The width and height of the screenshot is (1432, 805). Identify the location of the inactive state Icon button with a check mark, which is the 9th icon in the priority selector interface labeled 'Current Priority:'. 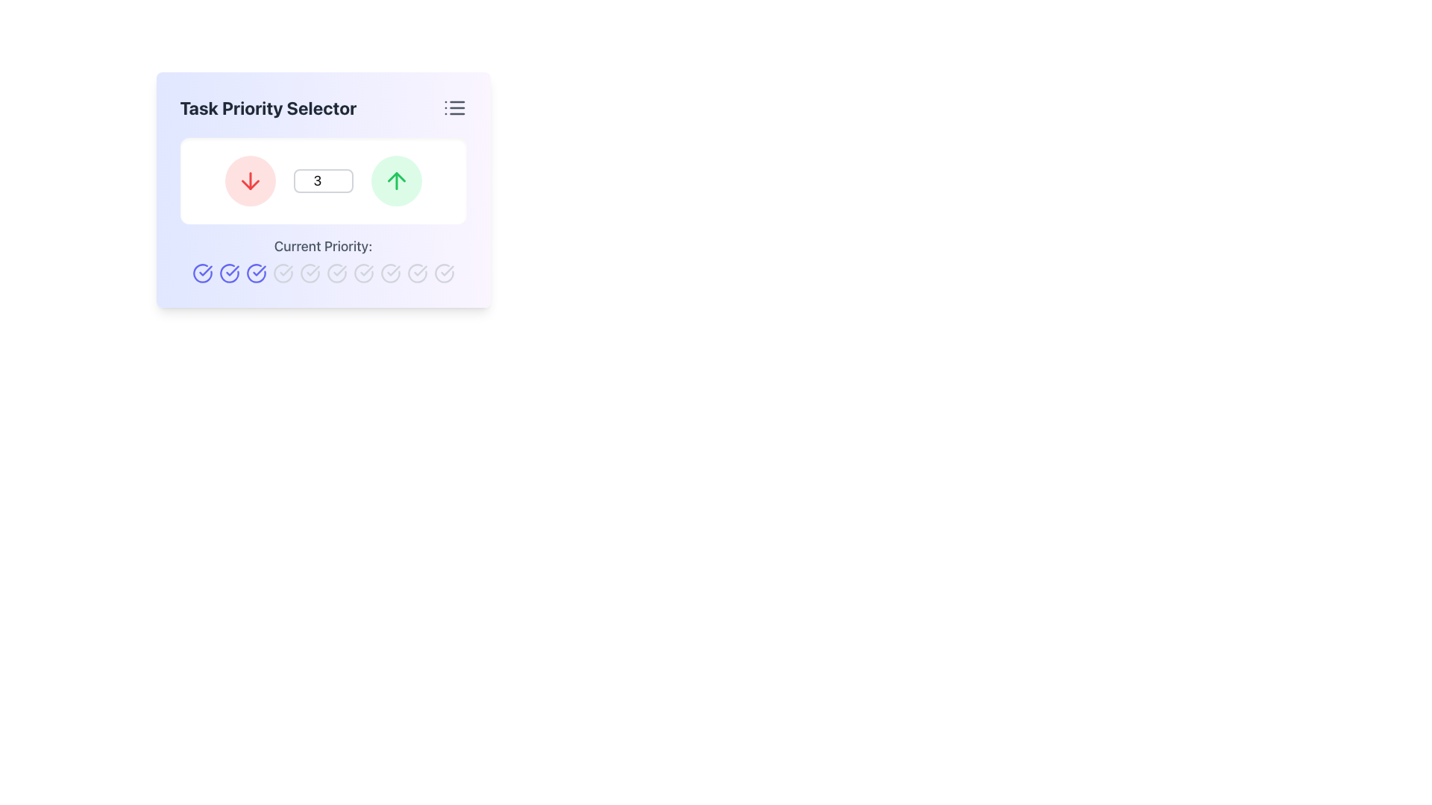
(417, 273).